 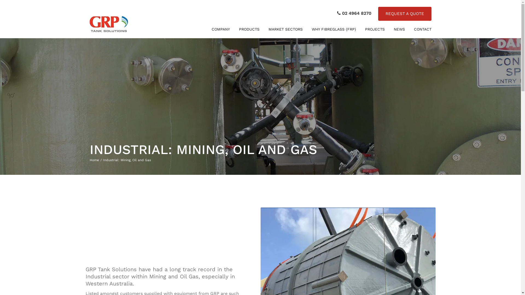 What do you see at coordinates (362, 29) in the screenshot?
I see `'PROJECTS'` at bounding box center [362, 29].